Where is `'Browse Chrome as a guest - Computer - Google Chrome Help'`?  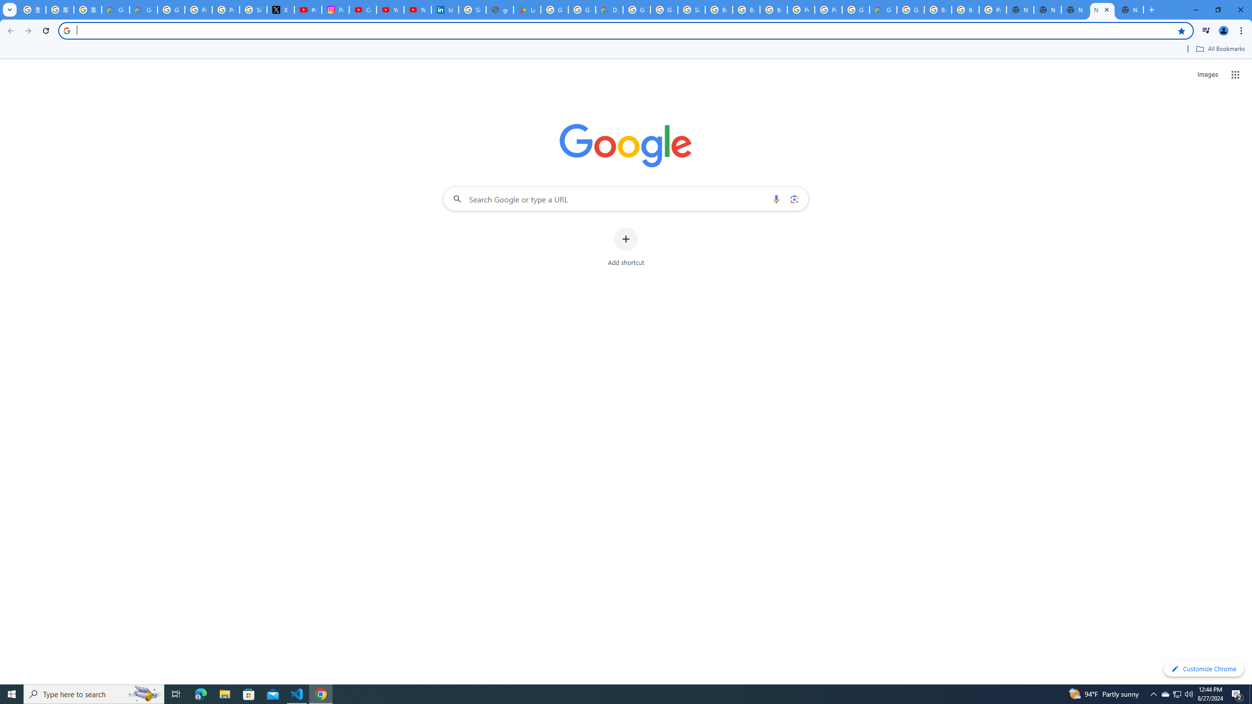 'Browse Chrome as a guest - Computer - Google Chrome Help' is located at coordinates (746, 9).